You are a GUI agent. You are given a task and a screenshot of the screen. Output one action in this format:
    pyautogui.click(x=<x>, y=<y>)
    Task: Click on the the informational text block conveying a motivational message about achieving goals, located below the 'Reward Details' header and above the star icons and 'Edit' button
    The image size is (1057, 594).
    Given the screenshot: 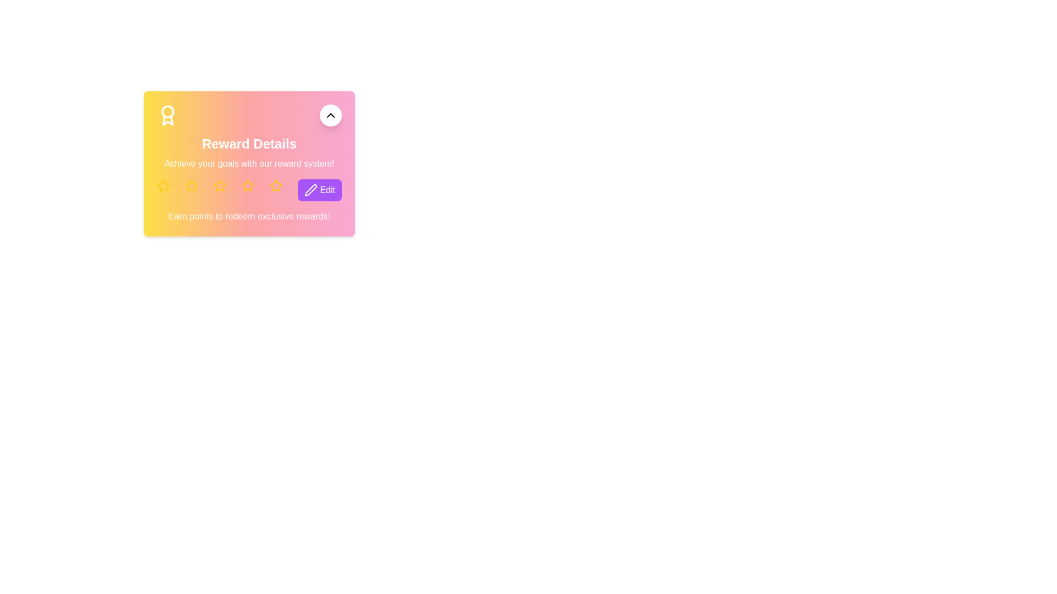 What is the action you would take?
    pyautogui.click(x=248, y=163)
    